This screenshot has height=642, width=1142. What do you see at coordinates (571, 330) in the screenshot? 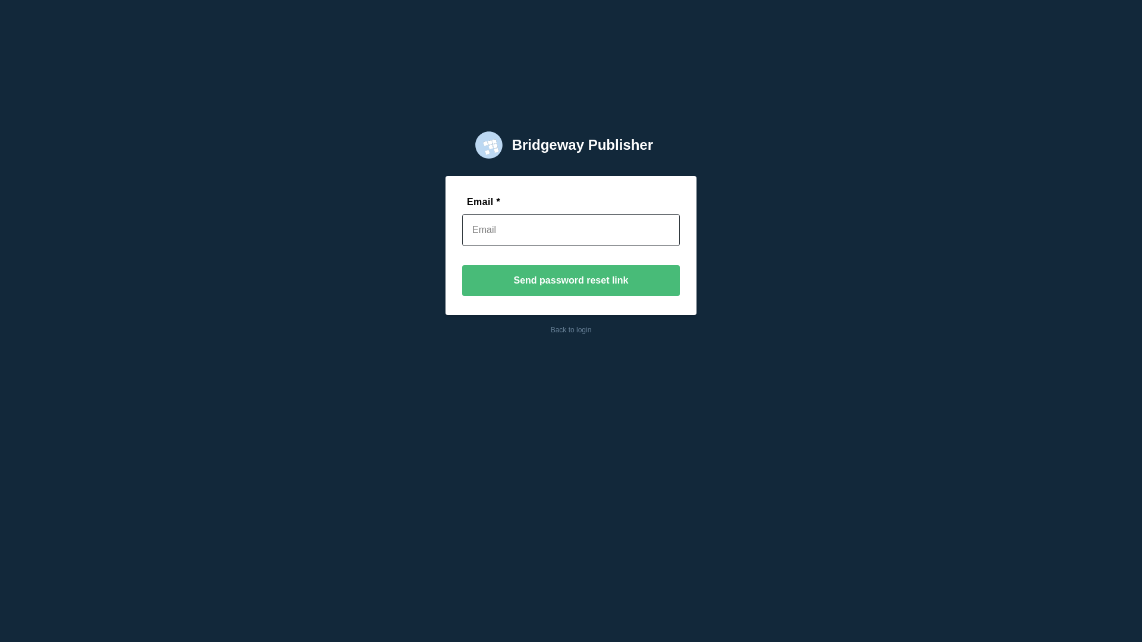
I see `'Back to login'` at bounding box center [571, 330].